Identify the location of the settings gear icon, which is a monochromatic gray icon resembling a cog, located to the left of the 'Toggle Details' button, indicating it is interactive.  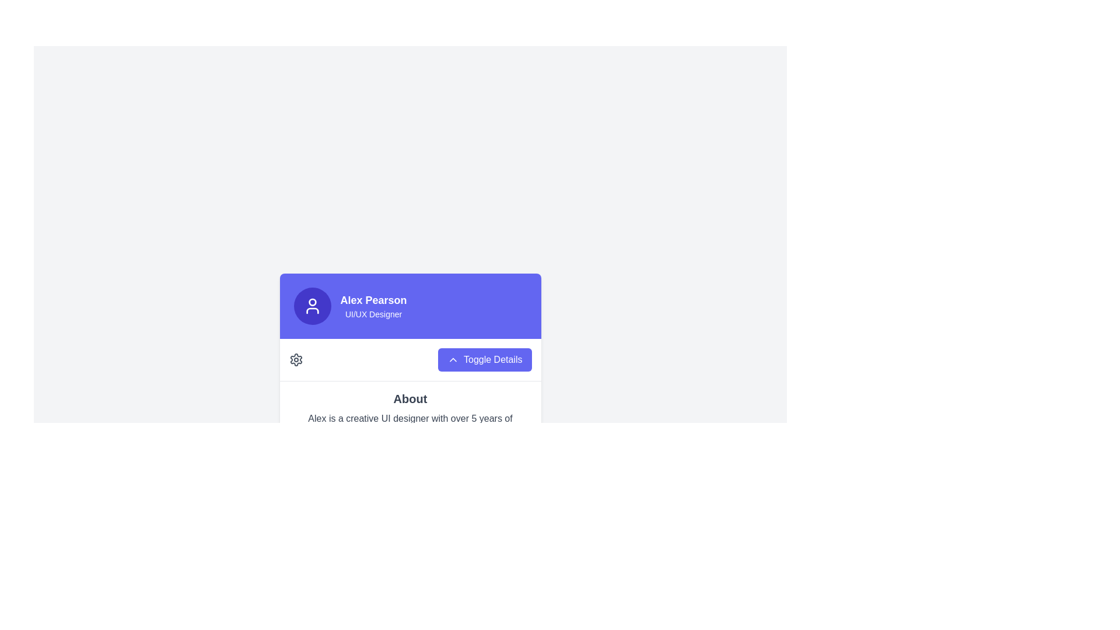
(296, 359).